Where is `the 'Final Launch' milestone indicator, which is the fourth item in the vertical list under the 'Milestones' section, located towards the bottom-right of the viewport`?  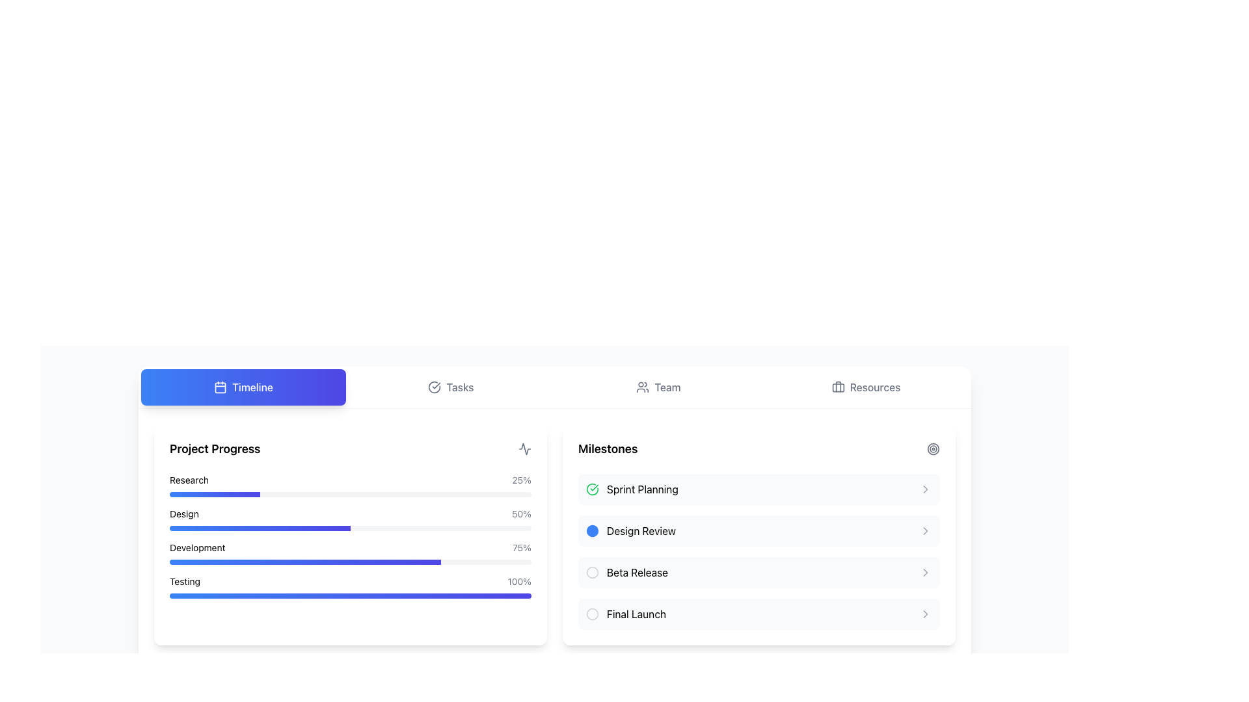 the 'Final Launch' milestone indicator, which is the fourth item in the vertical list under the 'Milestones' section, located towards the bottom-right of the viewport is located at coordinates (626, 614).